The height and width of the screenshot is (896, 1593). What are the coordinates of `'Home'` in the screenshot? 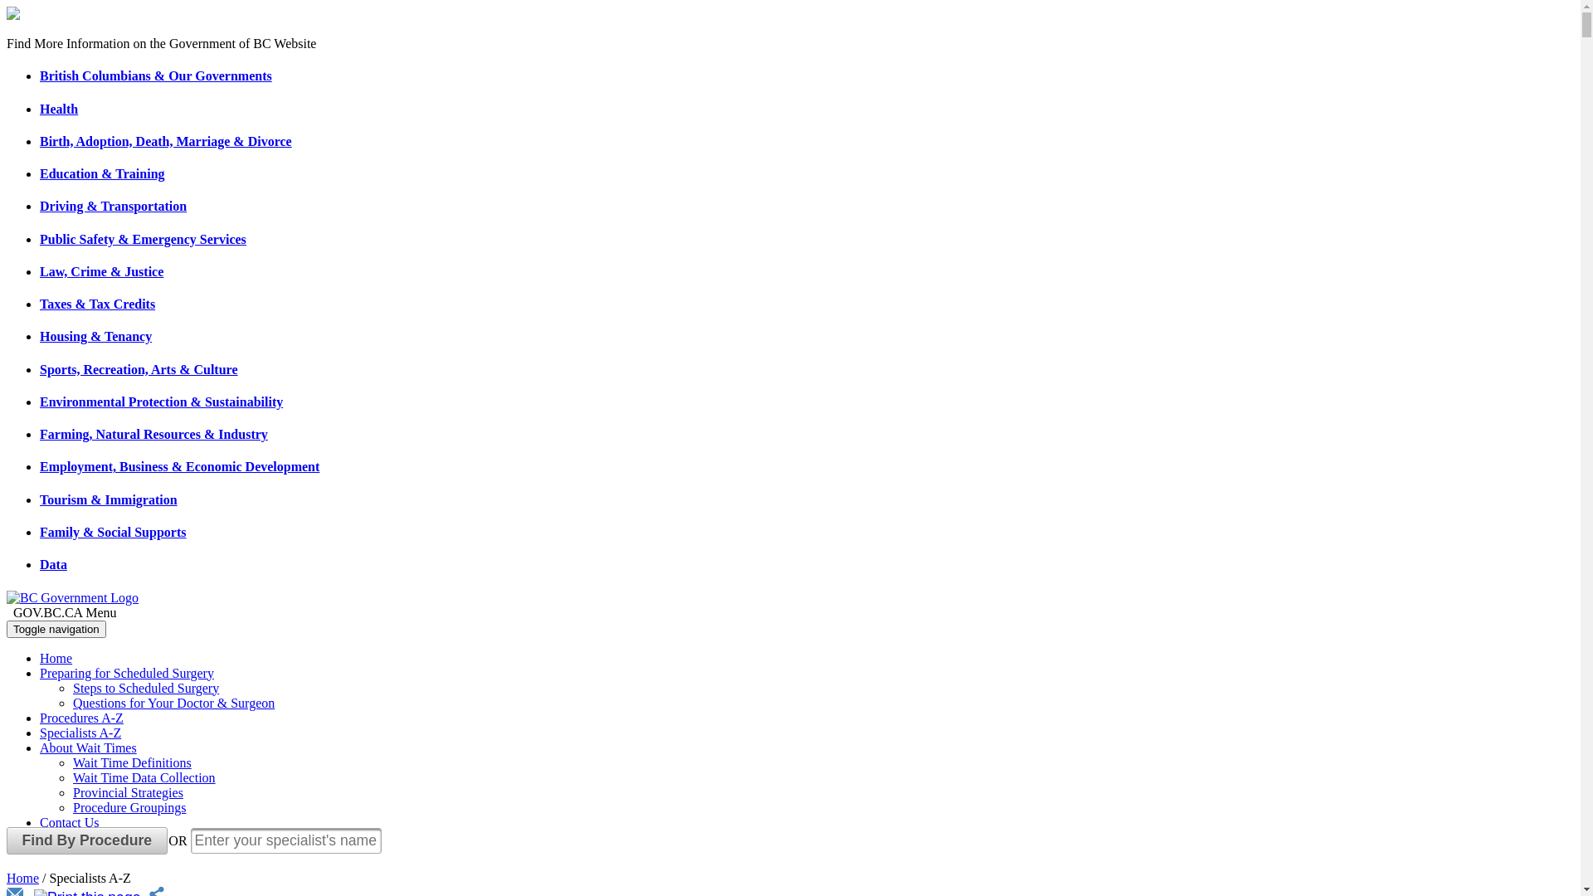 It's located at (22, 877).